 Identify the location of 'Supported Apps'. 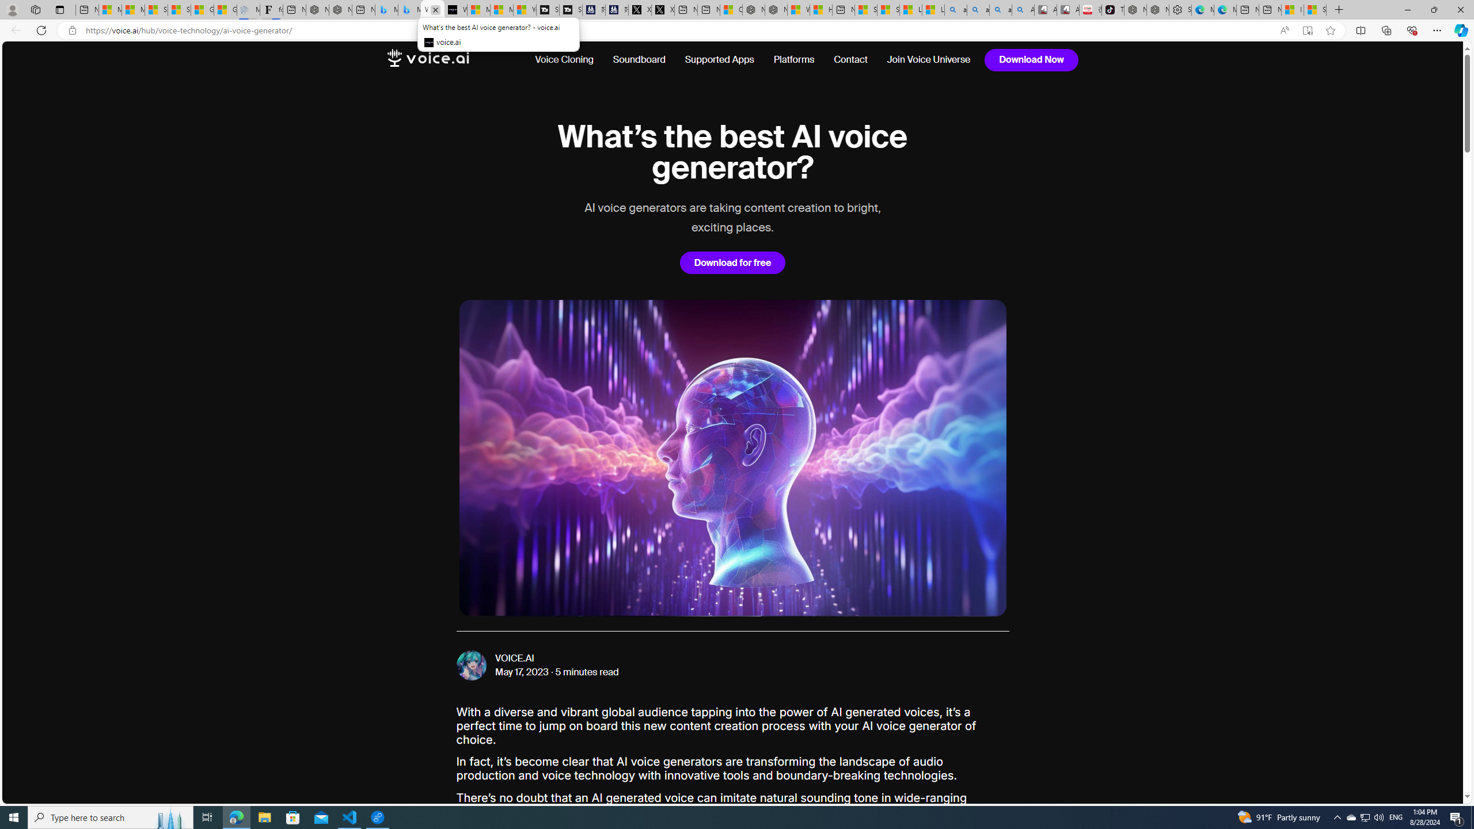
(719, 59).